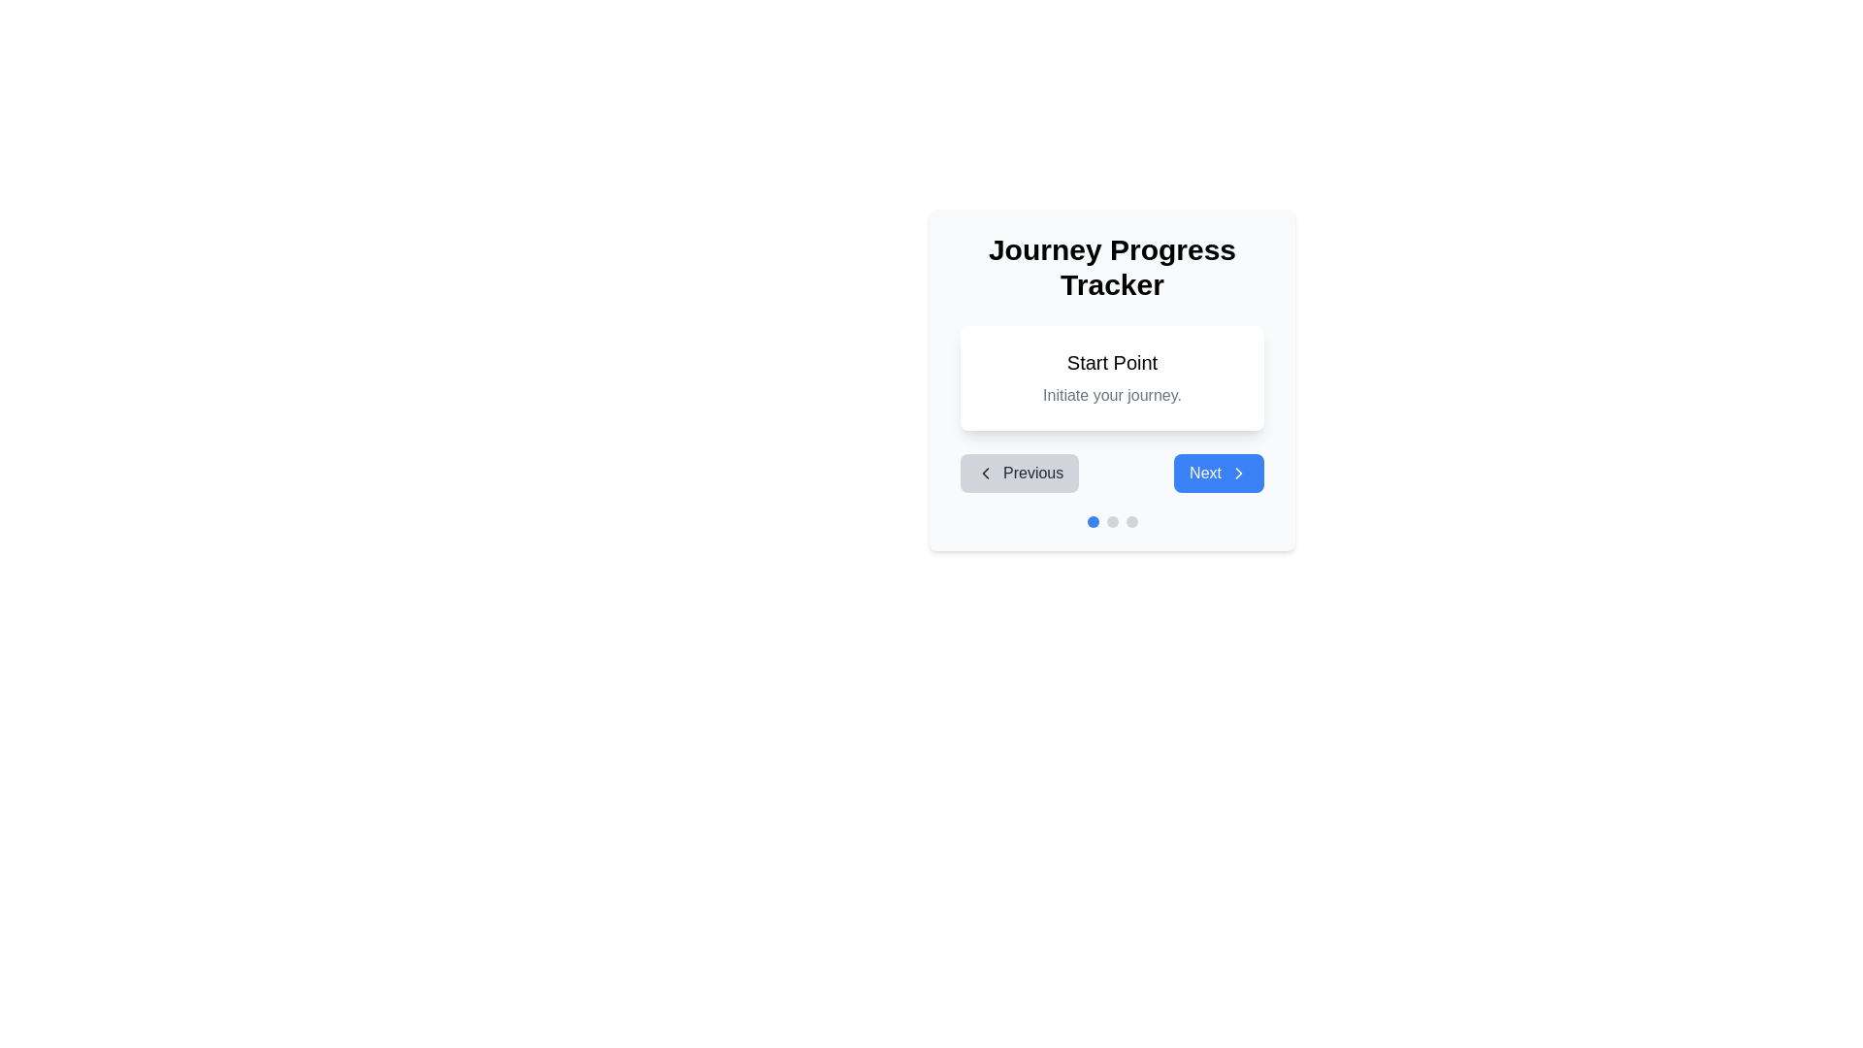  What do you see at coordinates (1237, 474) in the screenshot?
I see `the forward navigation icon, which is a graphical arrow located in the bottom-right corner of the 'Journey Progress Tracker' panel, adjacent to the 'Next' button` at bounding box center [1237, 474].